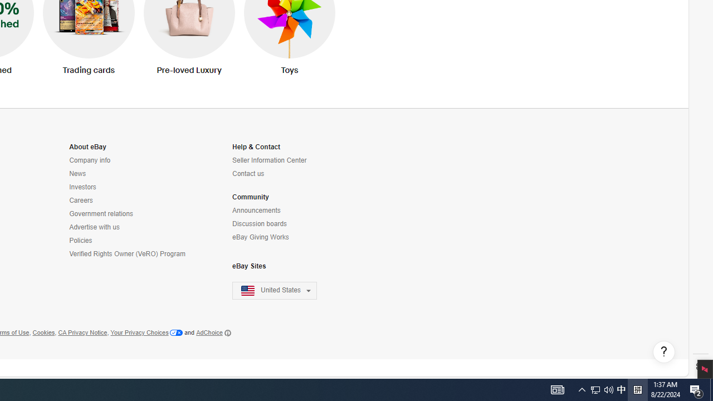  I want to click on 'Company info', so click(90, 160).